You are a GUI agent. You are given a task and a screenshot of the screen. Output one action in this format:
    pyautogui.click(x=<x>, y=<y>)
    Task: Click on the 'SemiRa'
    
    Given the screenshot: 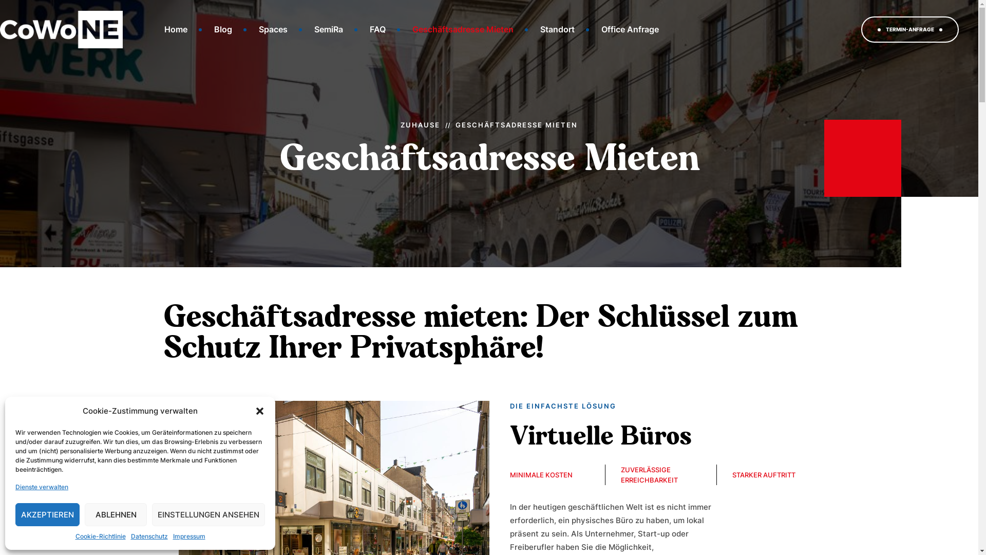 What is the action you would take?
    pyautogui.click(x=328, y=29)
    